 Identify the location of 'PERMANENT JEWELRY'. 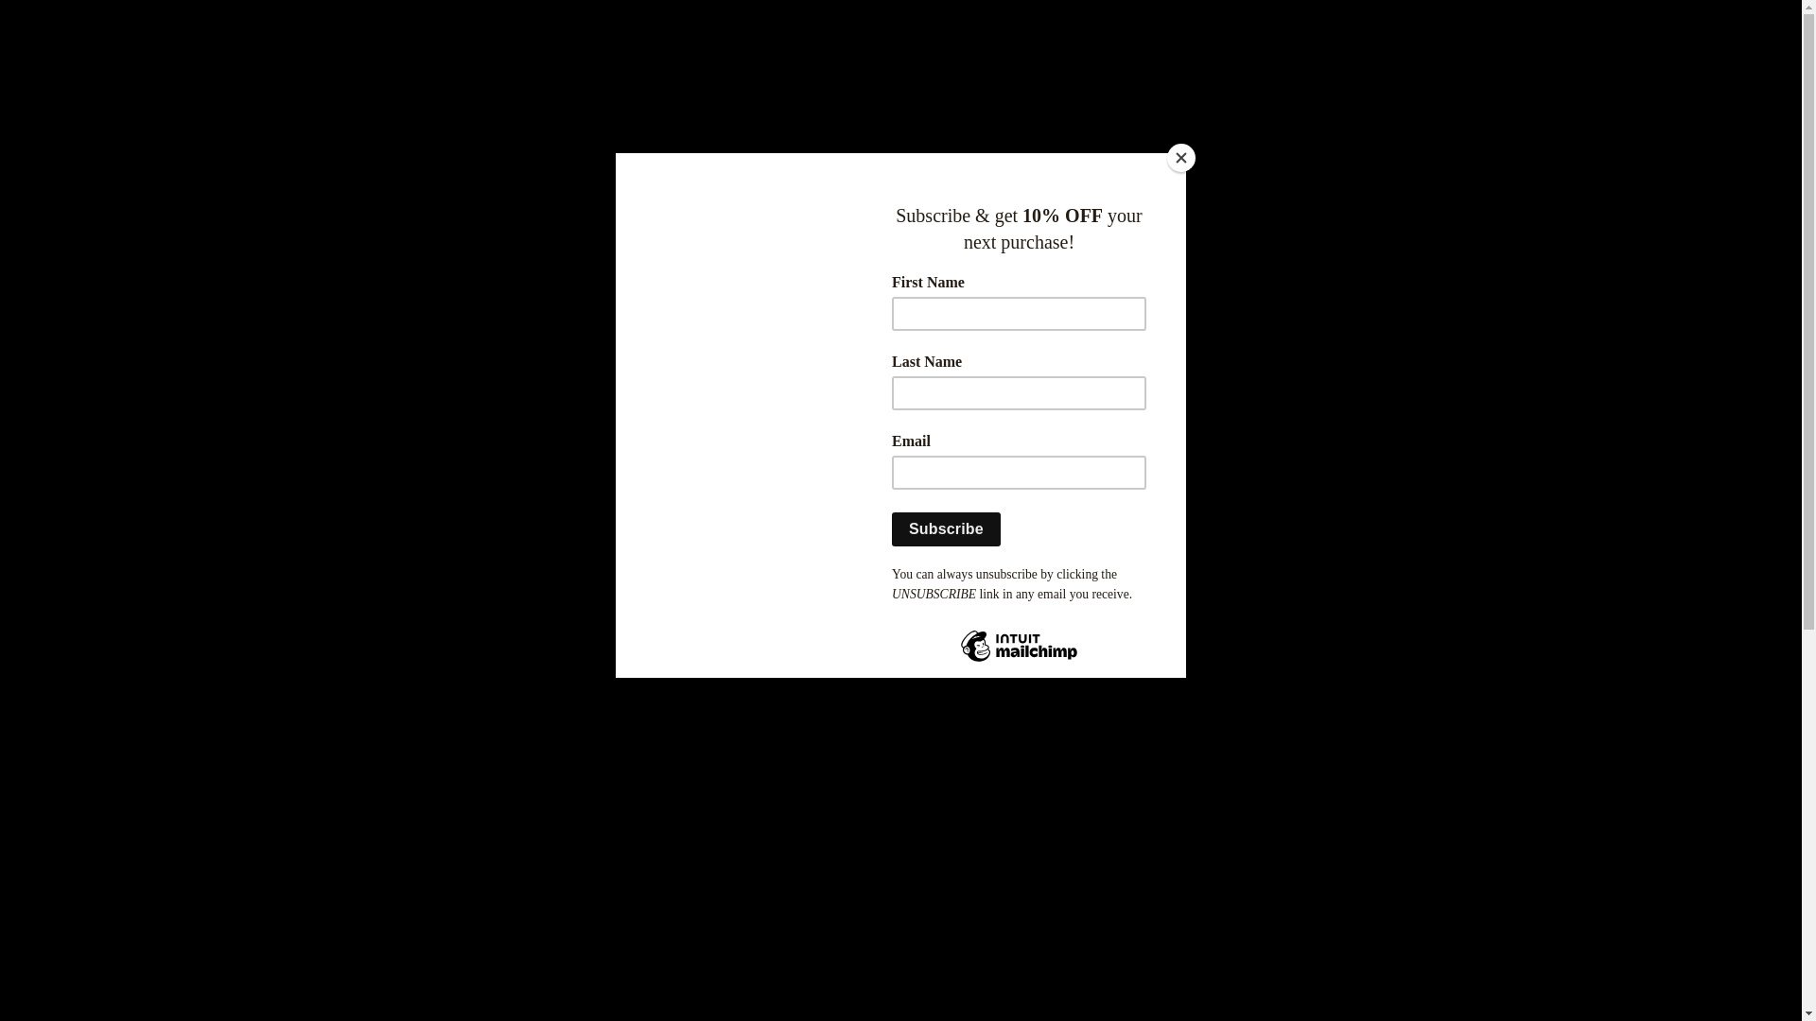
(778, 391).